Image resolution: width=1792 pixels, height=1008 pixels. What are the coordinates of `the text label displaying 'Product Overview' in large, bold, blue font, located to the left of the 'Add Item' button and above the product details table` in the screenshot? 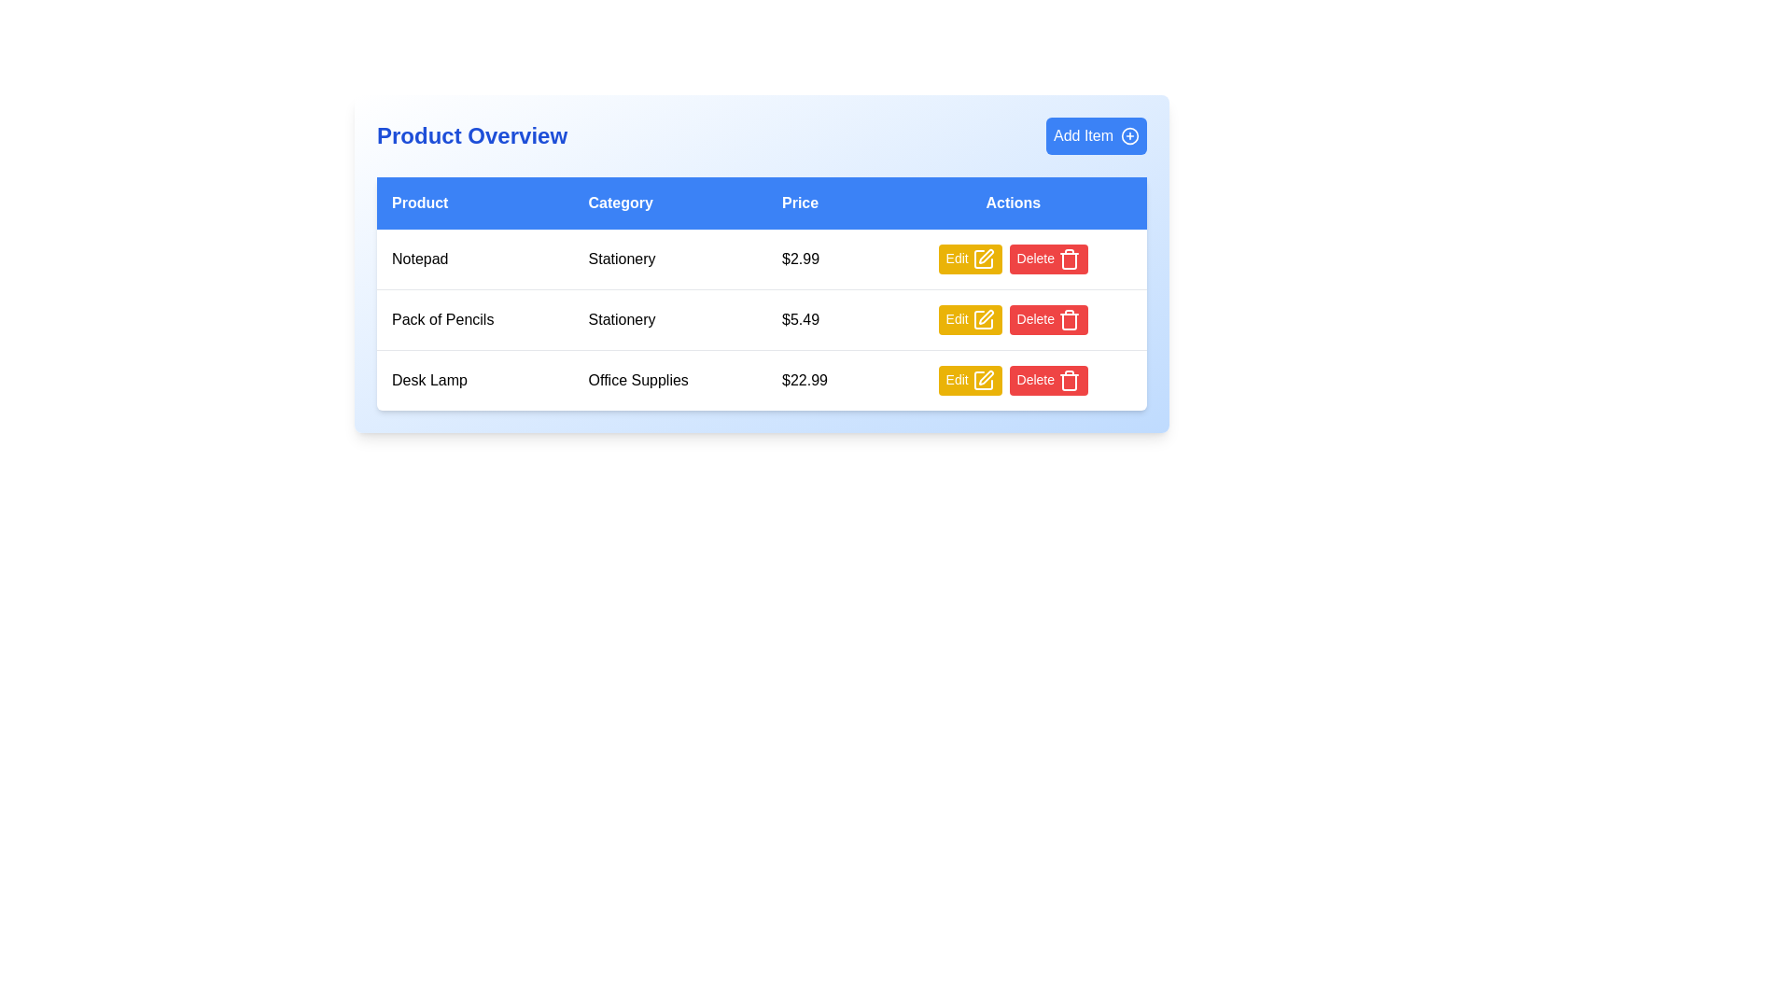 It's located at (472, 135).